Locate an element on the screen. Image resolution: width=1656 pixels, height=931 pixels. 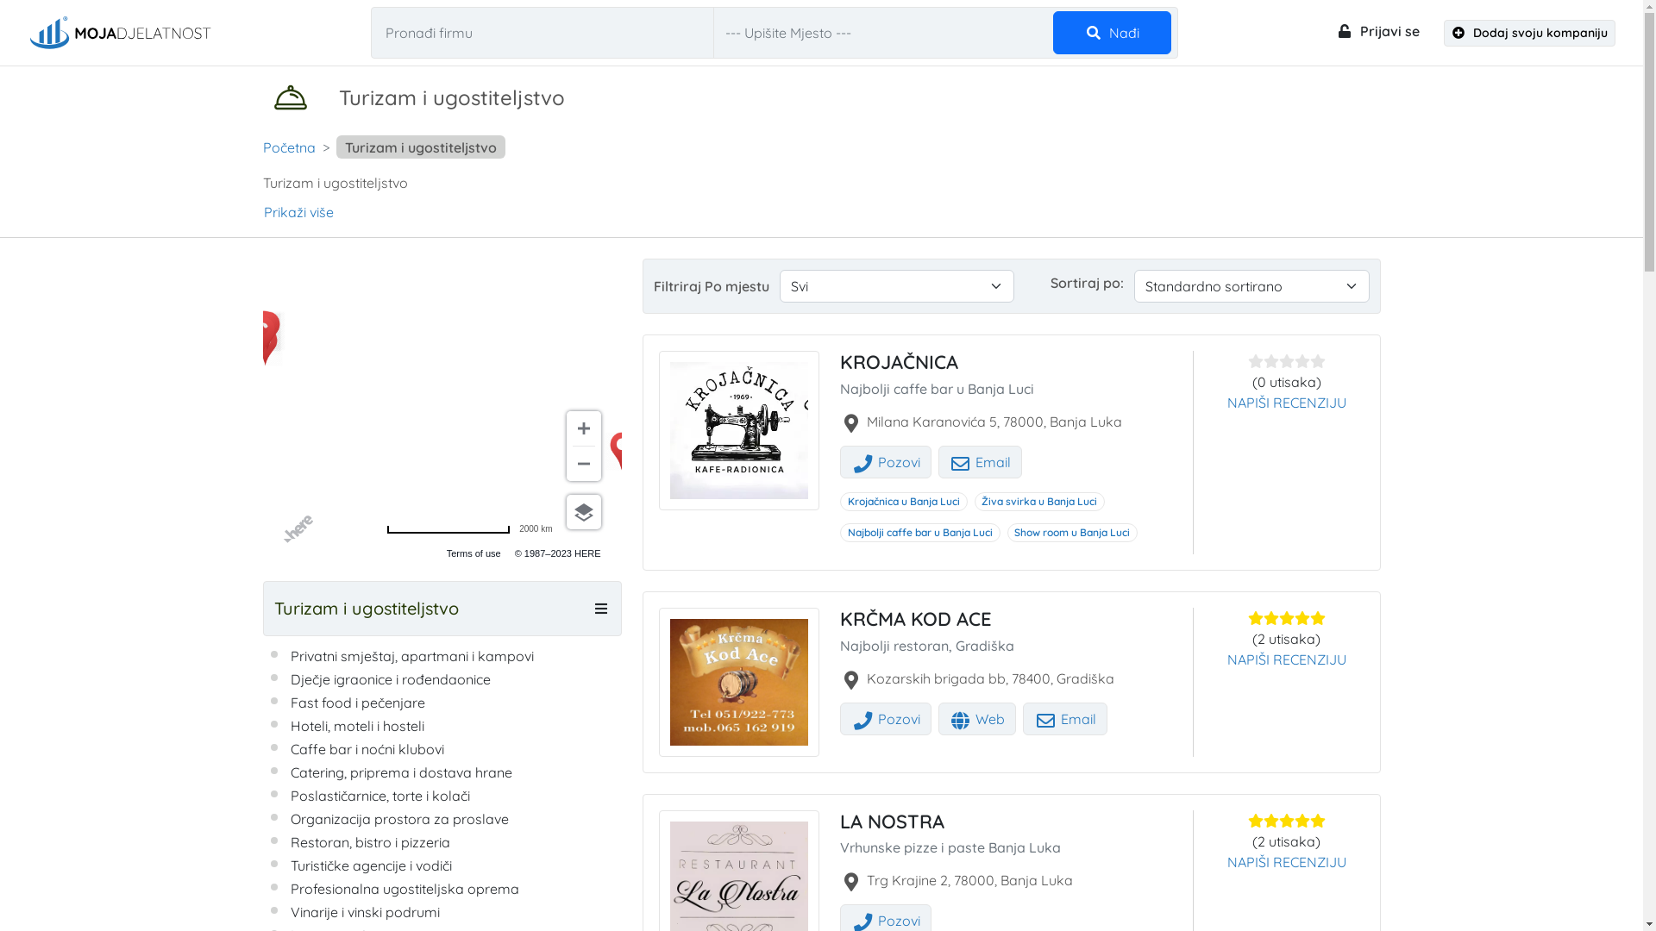
'Dodaj svoju kompaniju' is located at coordinates (1444, 32).